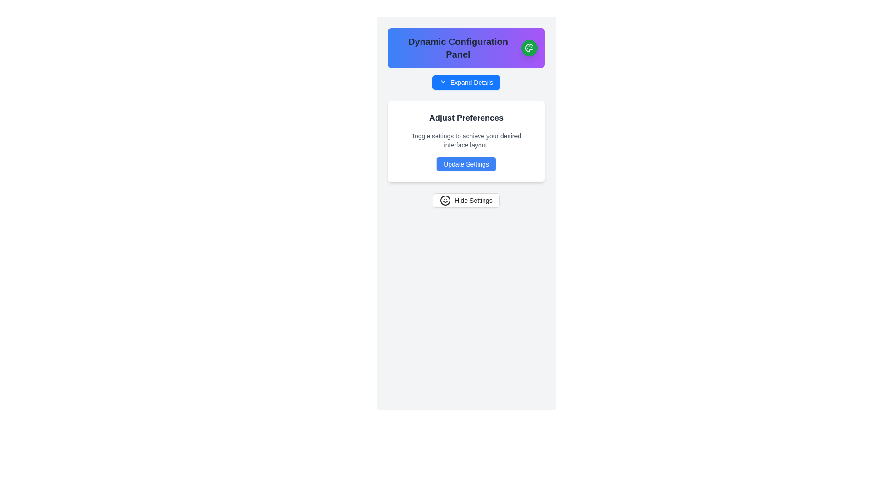 The height and width of the screenshot is (490, 871). Describe the element at coordinates (466, 117) in the screenshot. I see `the text label that reads 'Adjust Preferences', which is prominently styled with bold, large letters and is located at the top of the panel in the 'Dynamic Configuration Panel'` at that location.